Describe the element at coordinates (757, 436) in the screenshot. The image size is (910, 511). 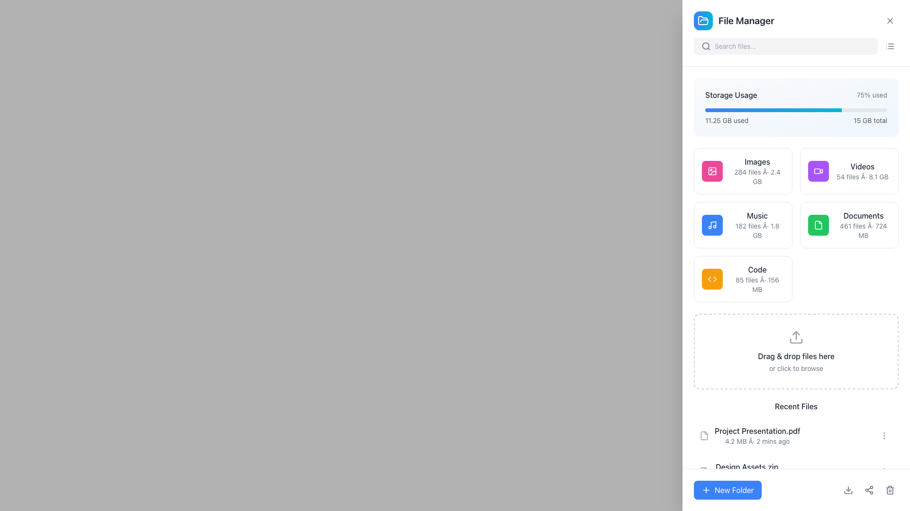
I see `the file list item displaying 'Project Presentation.pdf'` at that location.